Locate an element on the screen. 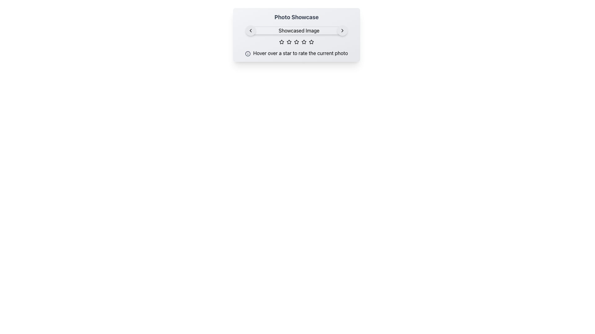  the chevron navigation button located in the top-right section of the central interface panel is located at coordinates (342, 31).